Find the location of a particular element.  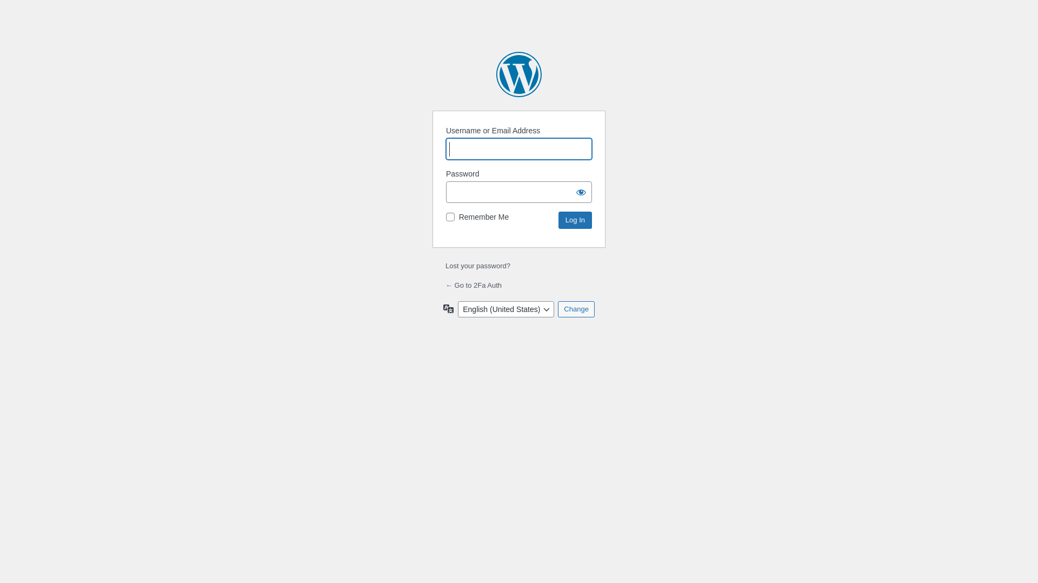

'Log In' is located at coordinates (575, 220).